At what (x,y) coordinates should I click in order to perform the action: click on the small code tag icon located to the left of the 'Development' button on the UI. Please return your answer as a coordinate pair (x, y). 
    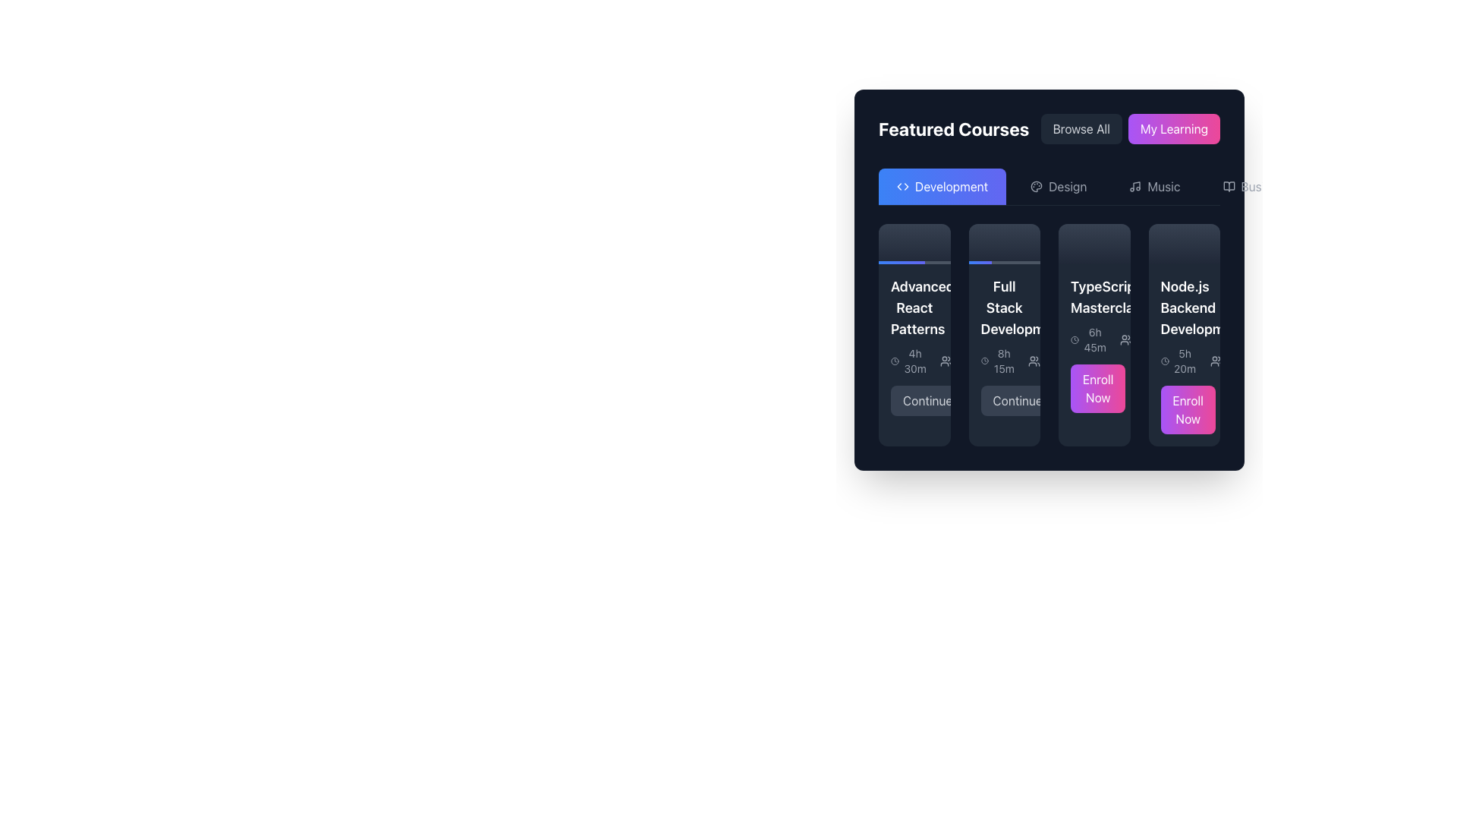
    Looking at the image, I should click on (903, 186).